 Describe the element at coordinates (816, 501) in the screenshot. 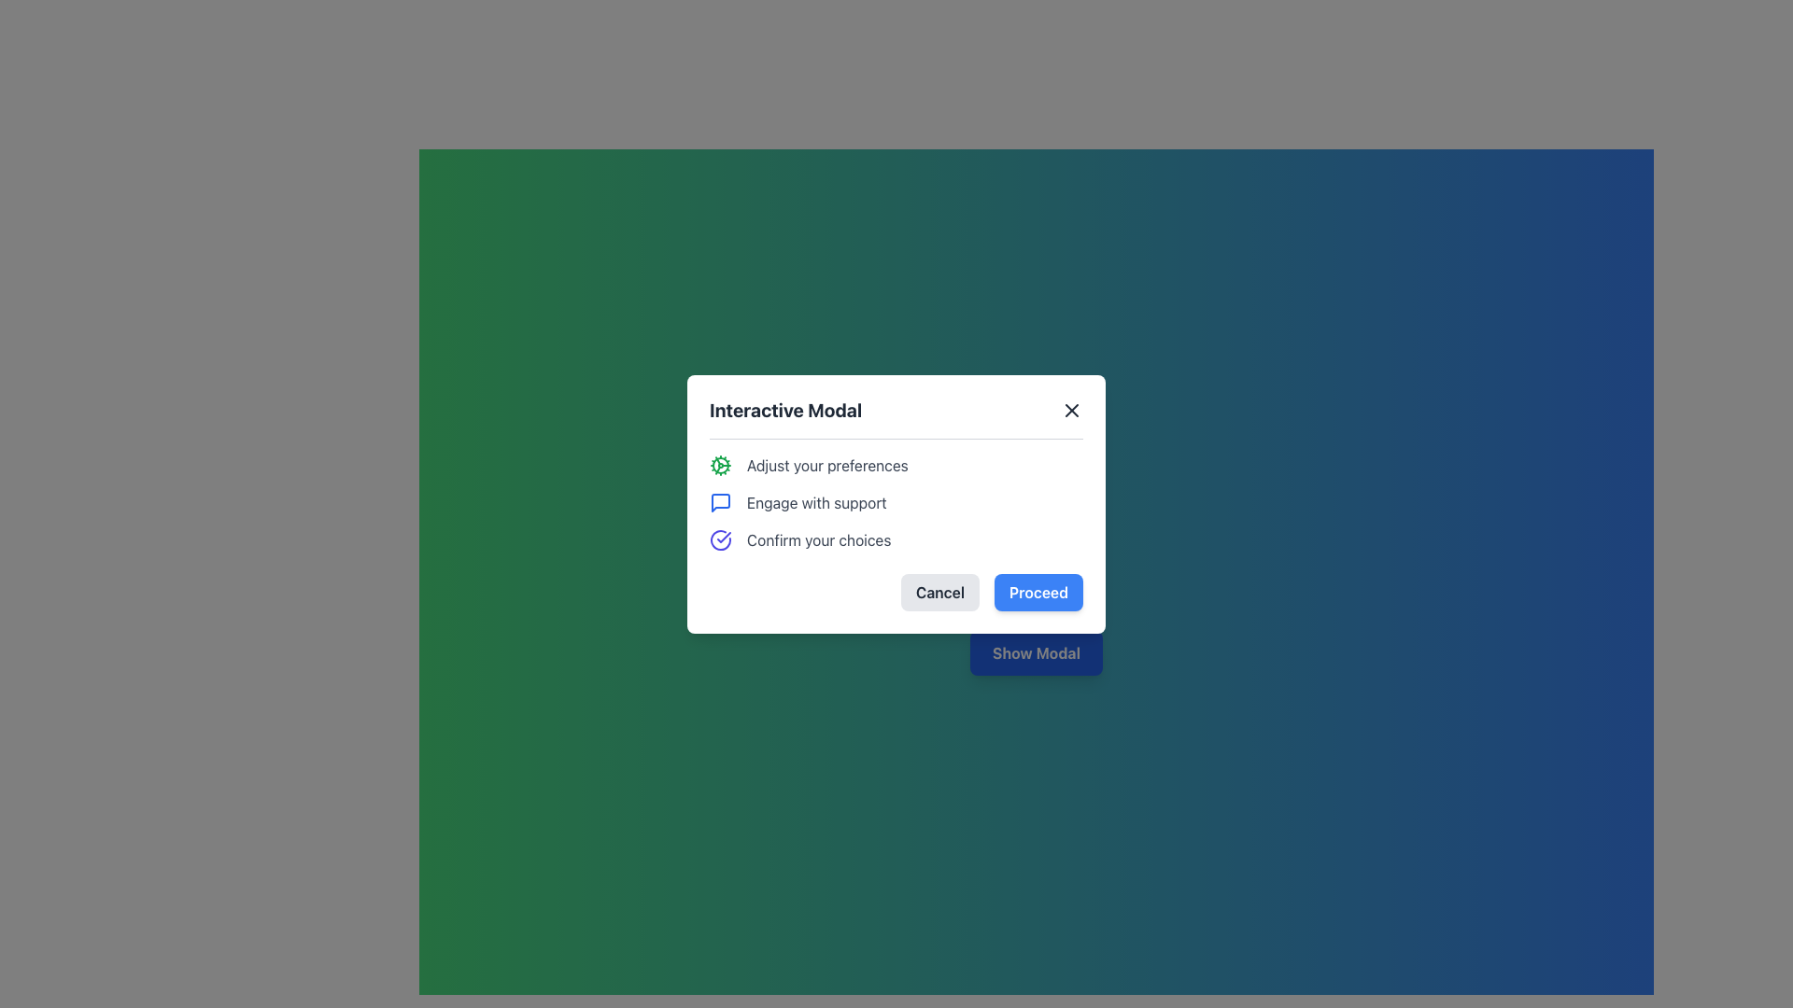

I see `the informational Text Label in the 'Interactive Modal' dialog box, which is the second item in the list, positioned between 'Adjust your preferences' and 'Confirm your choices'` at that location.